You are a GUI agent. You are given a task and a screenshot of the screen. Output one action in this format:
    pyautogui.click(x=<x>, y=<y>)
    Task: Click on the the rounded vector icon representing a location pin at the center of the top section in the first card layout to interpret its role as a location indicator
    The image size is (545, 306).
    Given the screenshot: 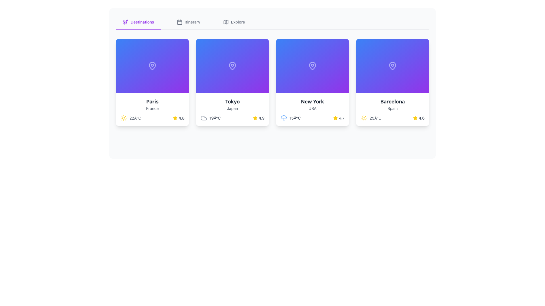 What is the action you would take?
    pyautogui.click(x=152, y=65)
    